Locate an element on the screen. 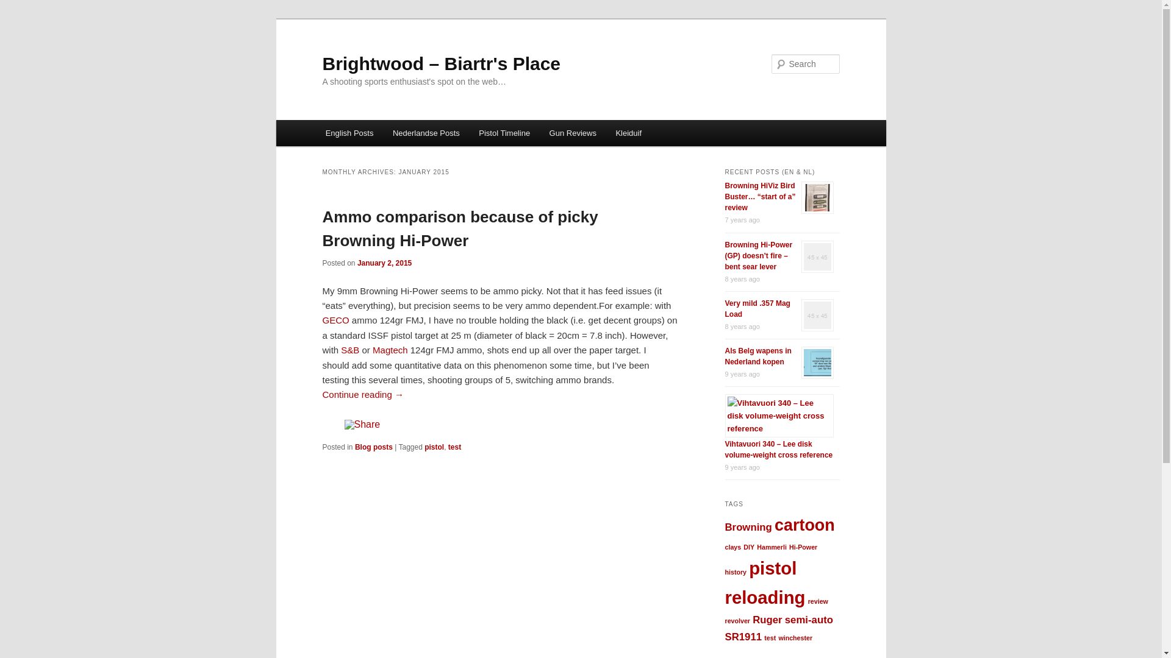 The height and width of the screenshot is (658, 1171). 'Ruger' is located at coordinates (766, 620).